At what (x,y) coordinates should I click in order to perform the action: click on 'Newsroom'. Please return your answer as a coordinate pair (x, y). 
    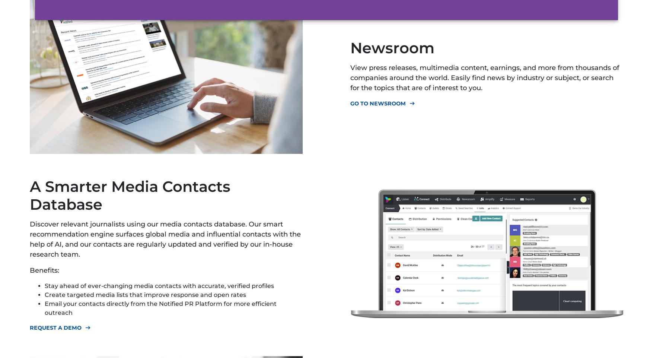
    Looking at the image, I should click on (350, 47).